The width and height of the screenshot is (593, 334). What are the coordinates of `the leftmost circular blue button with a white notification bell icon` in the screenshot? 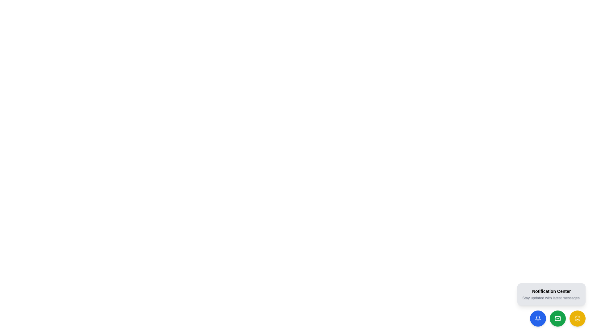 It's located at (538, 318).